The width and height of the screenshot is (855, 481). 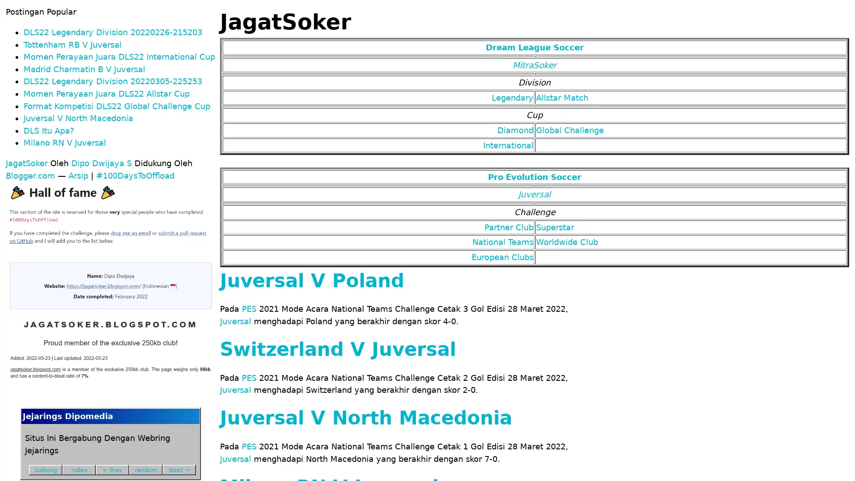 What do you see at coordinates (179, 469) in the screenshot?
I see `Next` at bounding box center [179, 469].